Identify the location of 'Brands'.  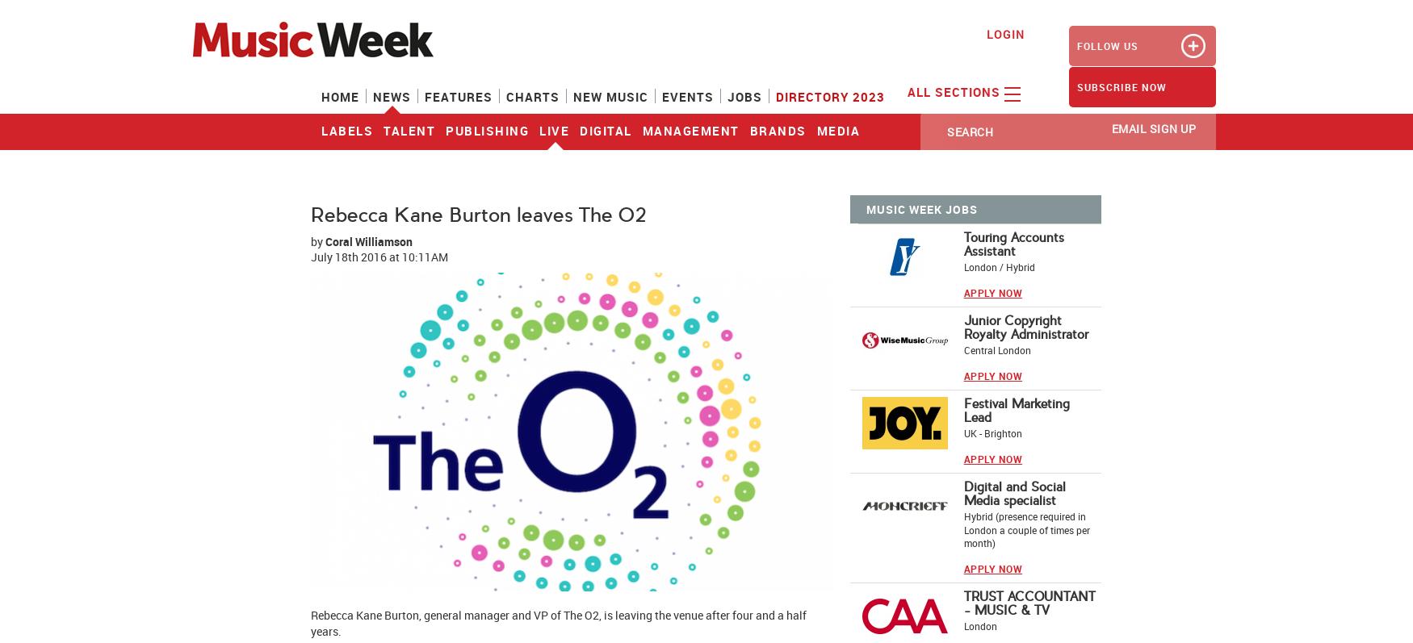
(778, 131).